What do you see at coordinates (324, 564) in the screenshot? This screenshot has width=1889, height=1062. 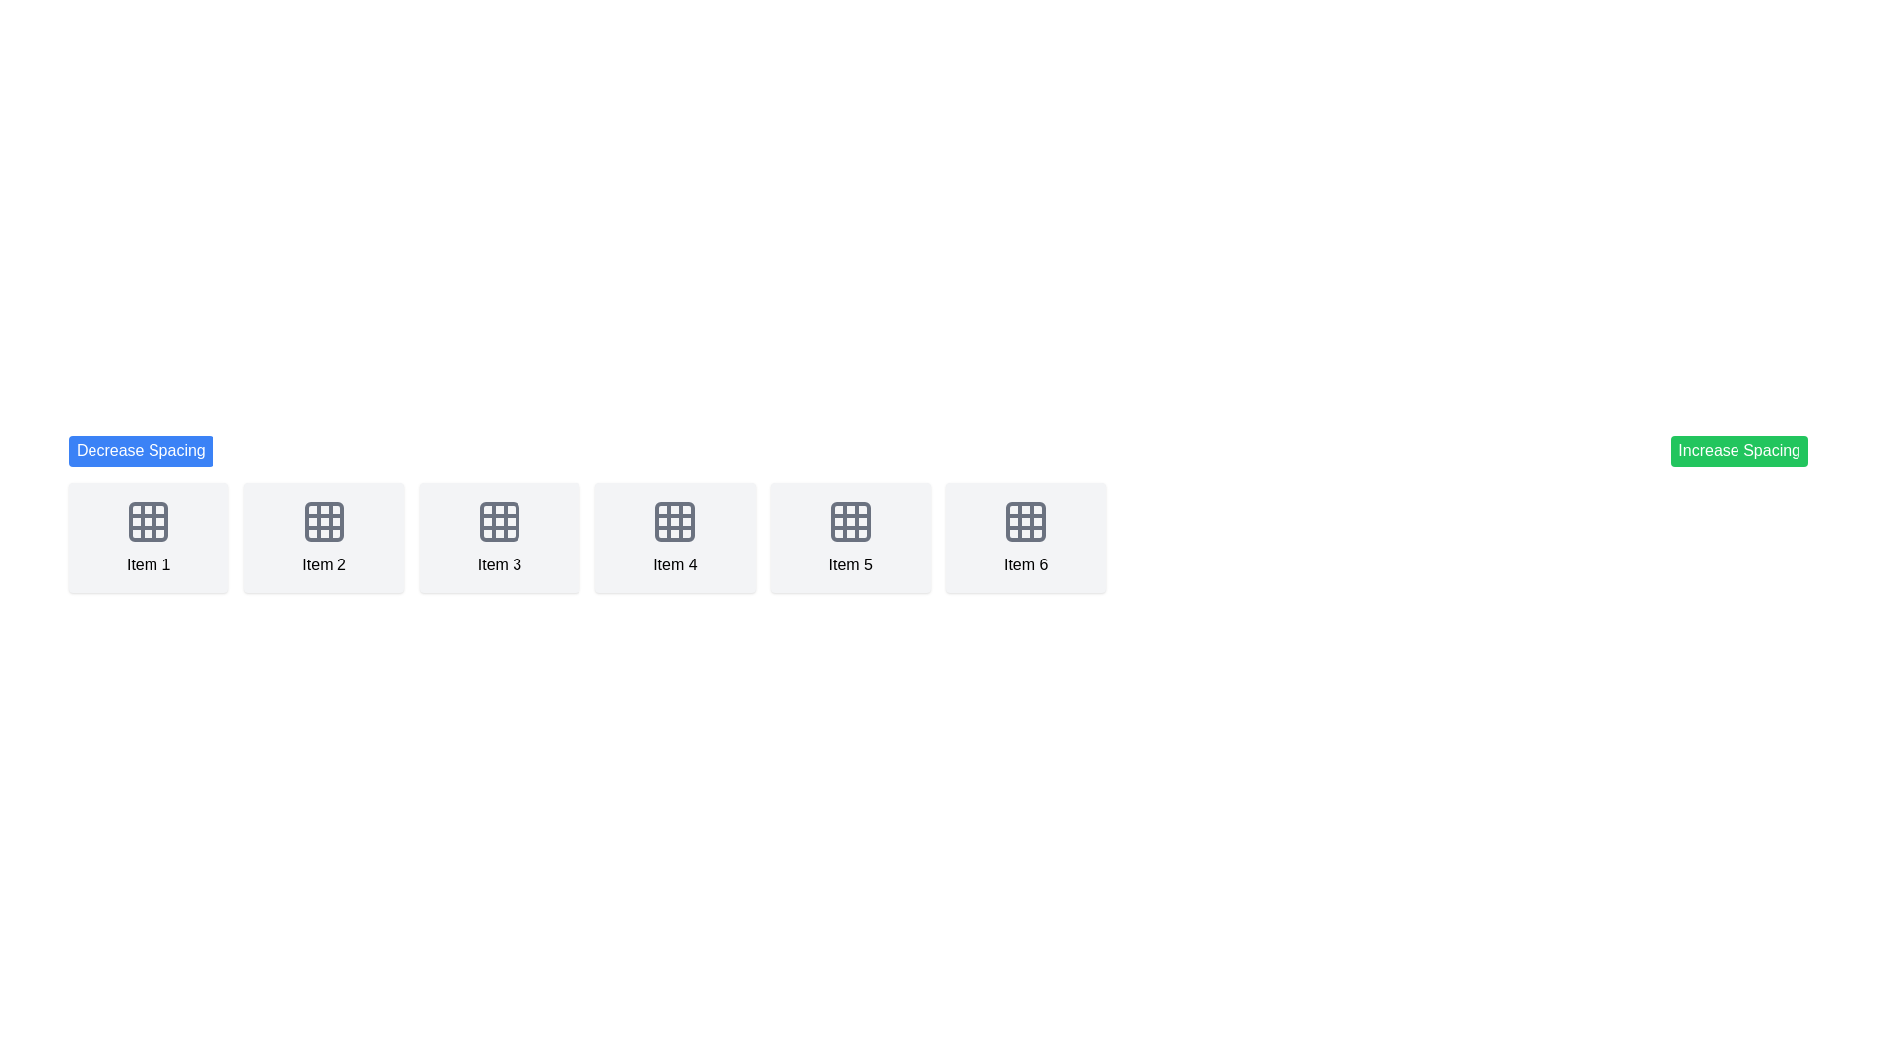 I see `the Text label displaying 'Item 2', which is located between 'Item 1' and 'Item 3' in a horizontally aligned list of labeled icon-button combinations` at bounding box center [324, 564].